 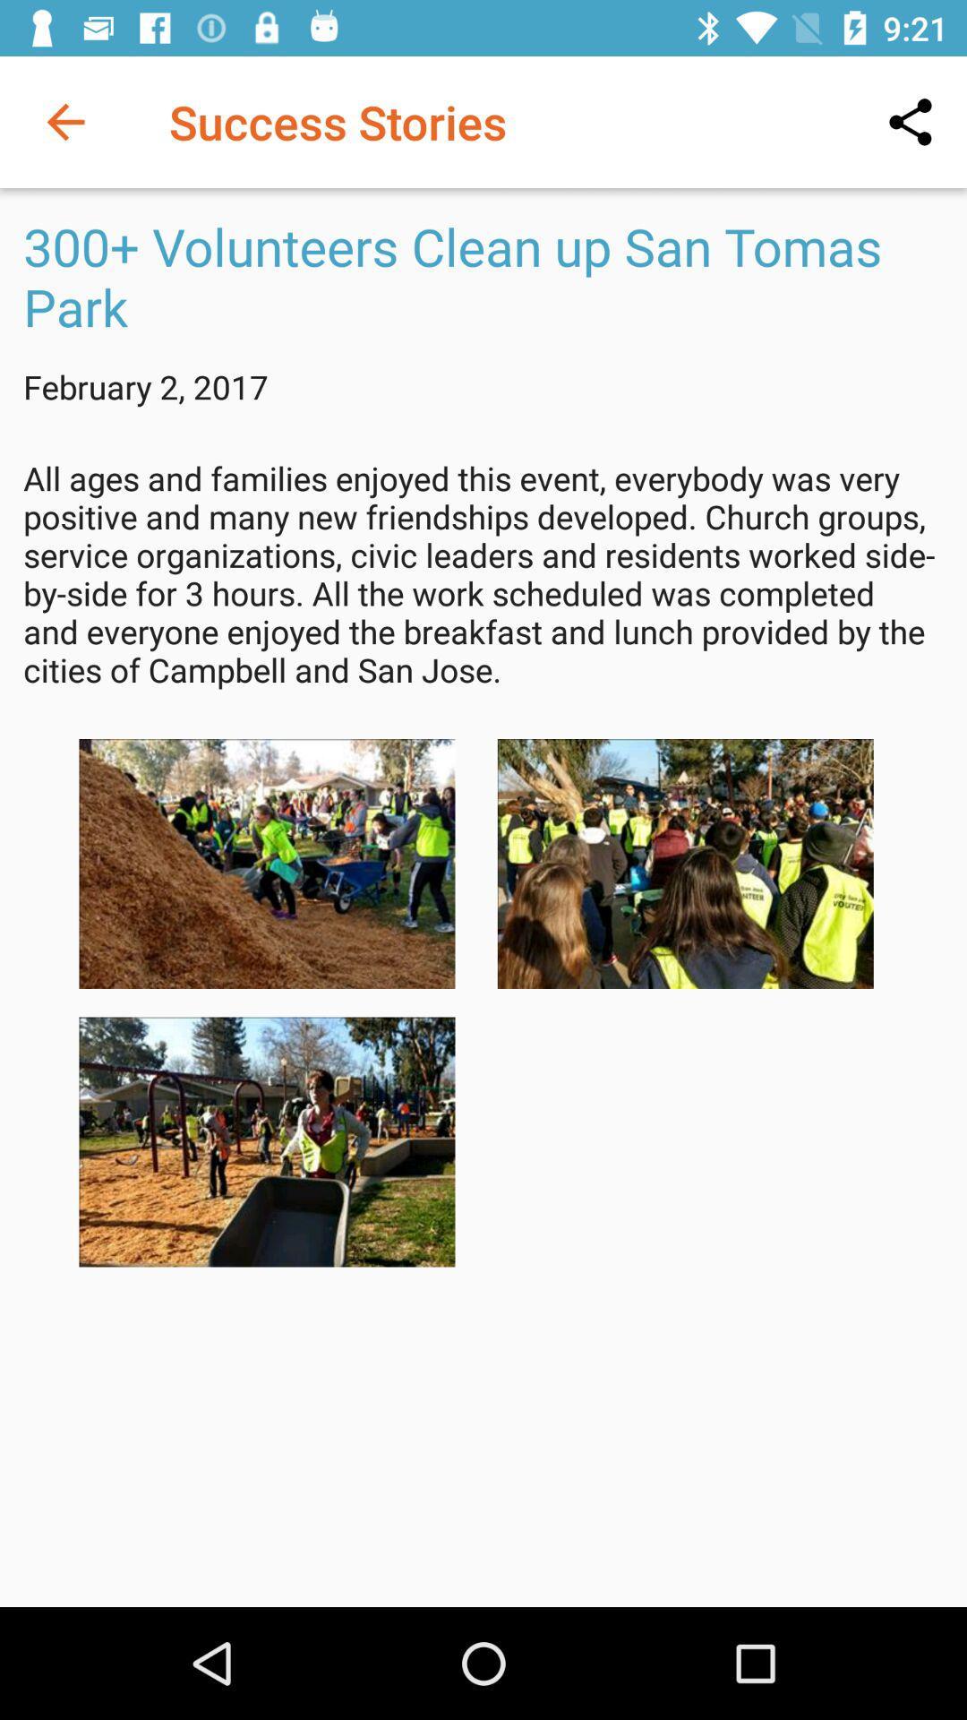 What do you see at coordinates (267, 1141) in the screenshot?
I see `open photo page` at bounding box center [267, 1141].